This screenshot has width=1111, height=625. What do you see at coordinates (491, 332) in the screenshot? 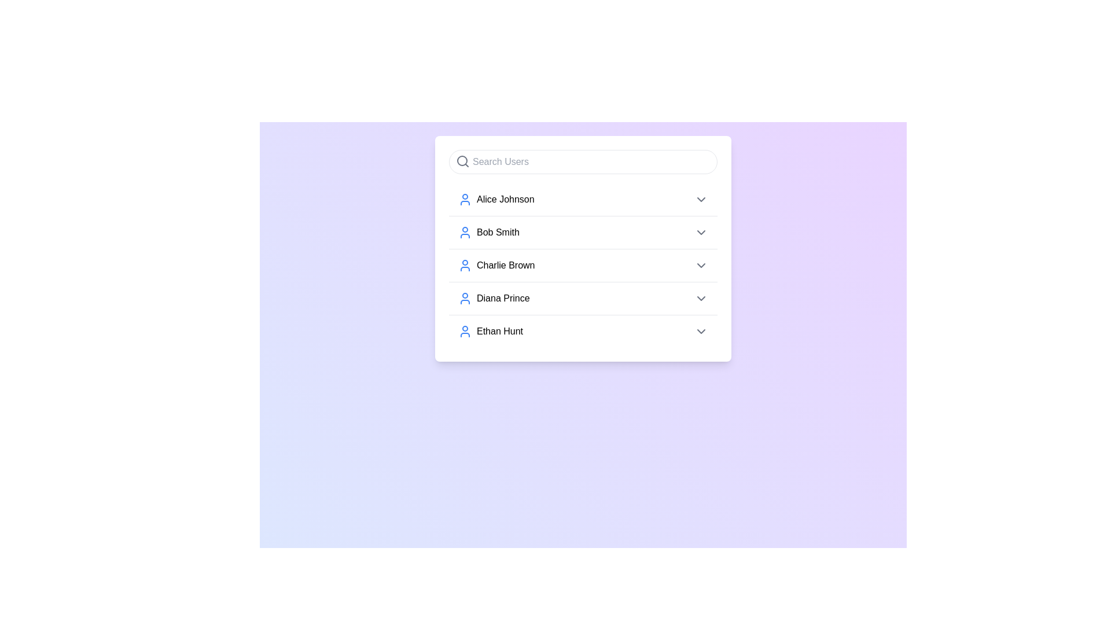
I see `the List item containing the label 'Ethan Hunt' with the user icon` at bounding box center [491, 332].